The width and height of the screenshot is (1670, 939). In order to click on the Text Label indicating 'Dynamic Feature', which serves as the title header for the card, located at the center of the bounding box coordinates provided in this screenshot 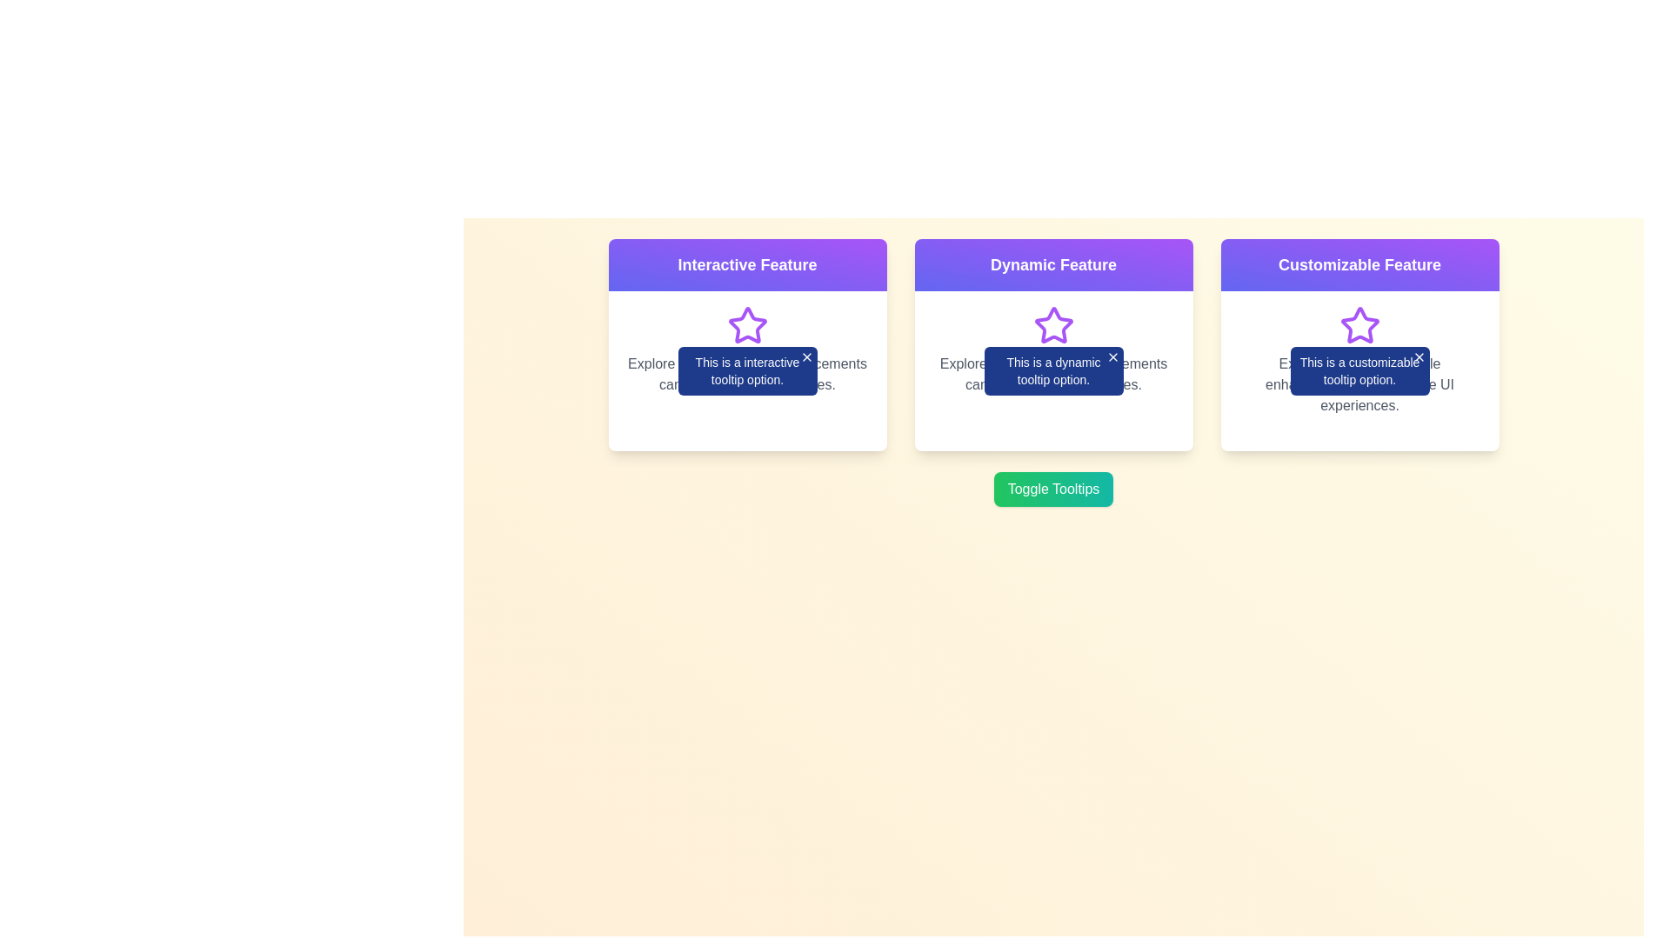, I will do `click(1052, 264)`.